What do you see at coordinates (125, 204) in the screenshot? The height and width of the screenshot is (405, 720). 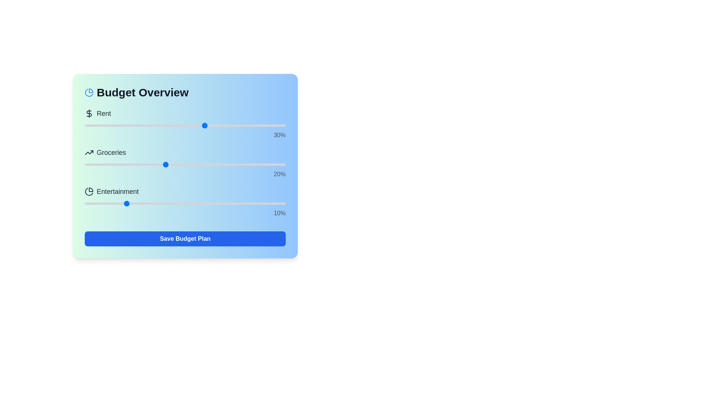 I see `the slider` at bounding box center [125, 204].